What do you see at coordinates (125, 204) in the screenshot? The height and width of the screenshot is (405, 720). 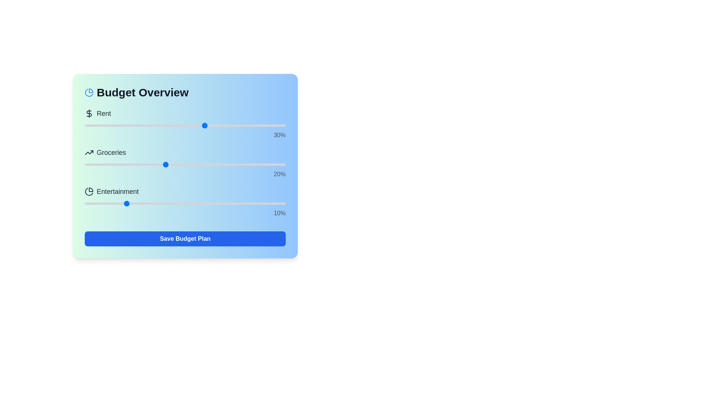 I see `the slider` at bounding box center [125, 204].